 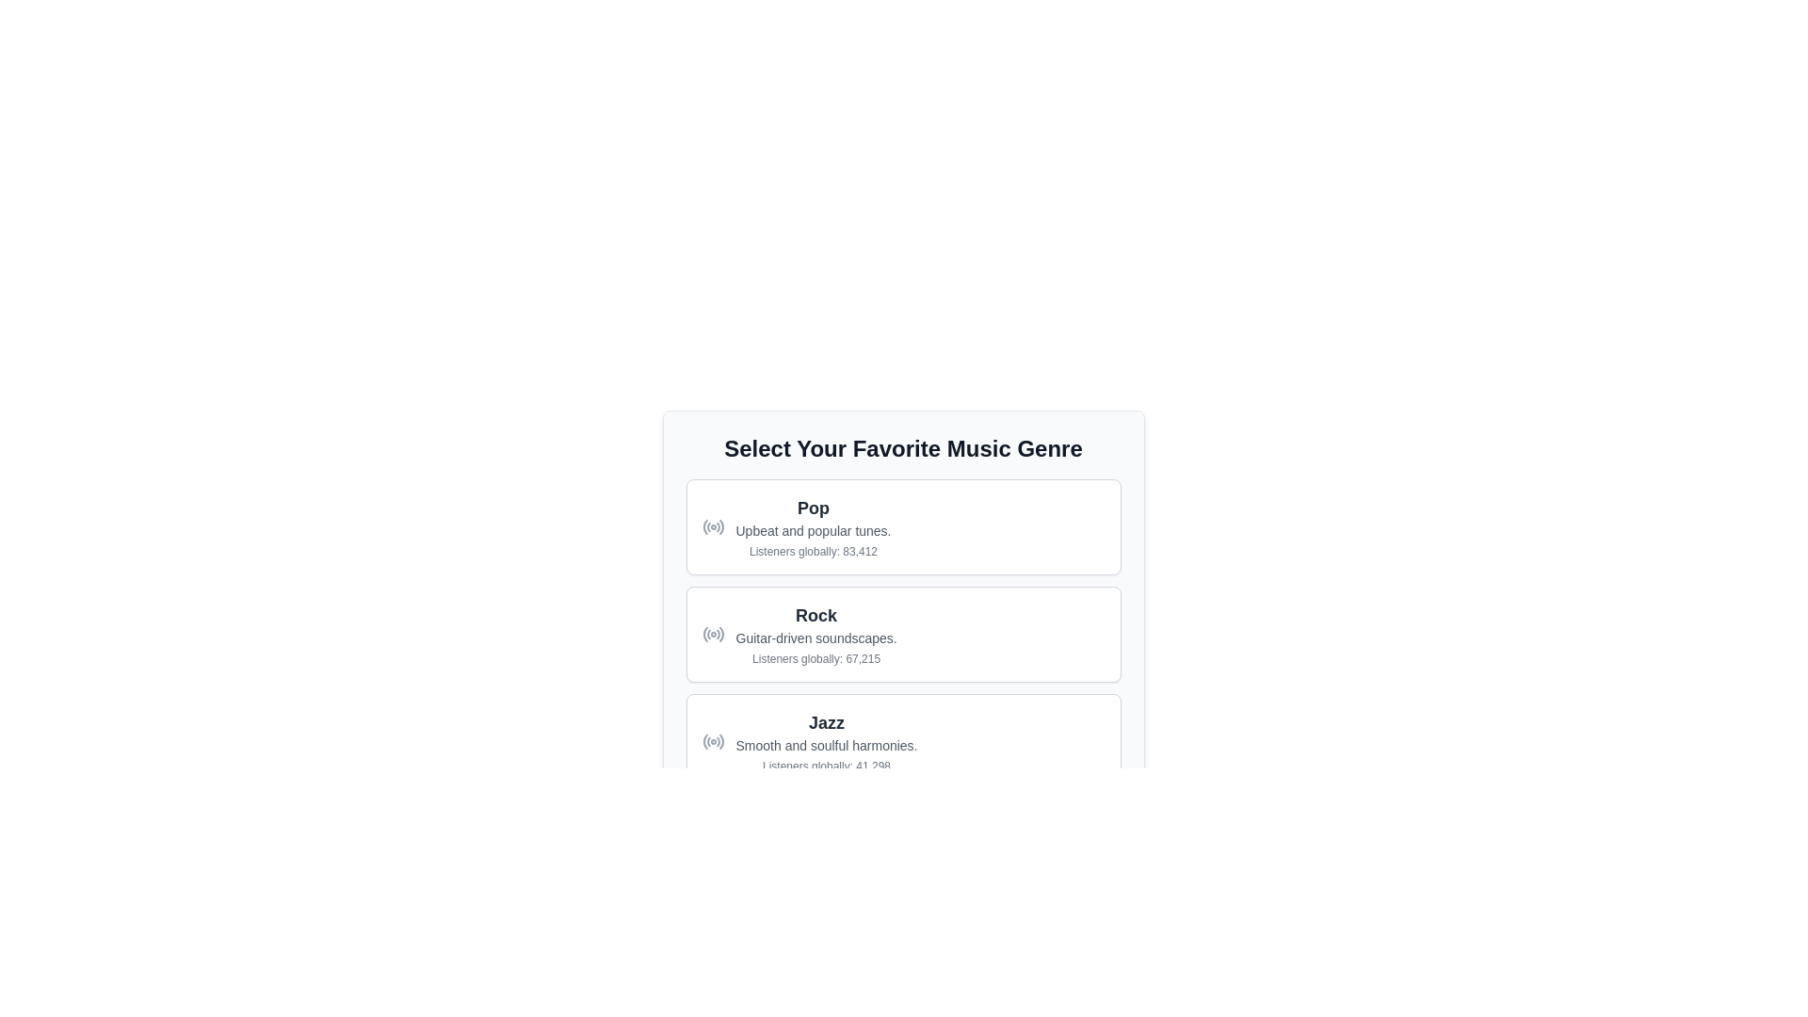 I want to click on the first segment of the radio wave icon, which is part of the 'Select Your Favorite Music Genre' list, located to the left of the 'Jazz' text label, so click(x=703, y=740).